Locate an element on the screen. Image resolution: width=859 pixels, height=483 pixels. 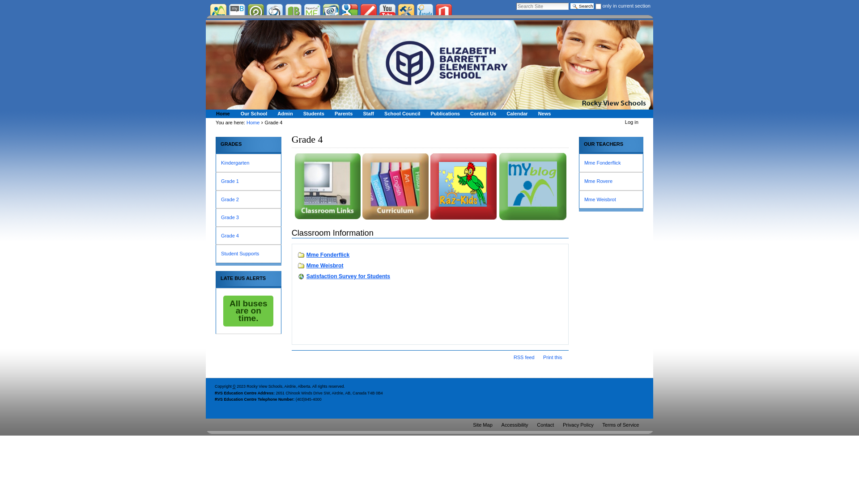
'Accessibility' is located at coordinates (515, 424).